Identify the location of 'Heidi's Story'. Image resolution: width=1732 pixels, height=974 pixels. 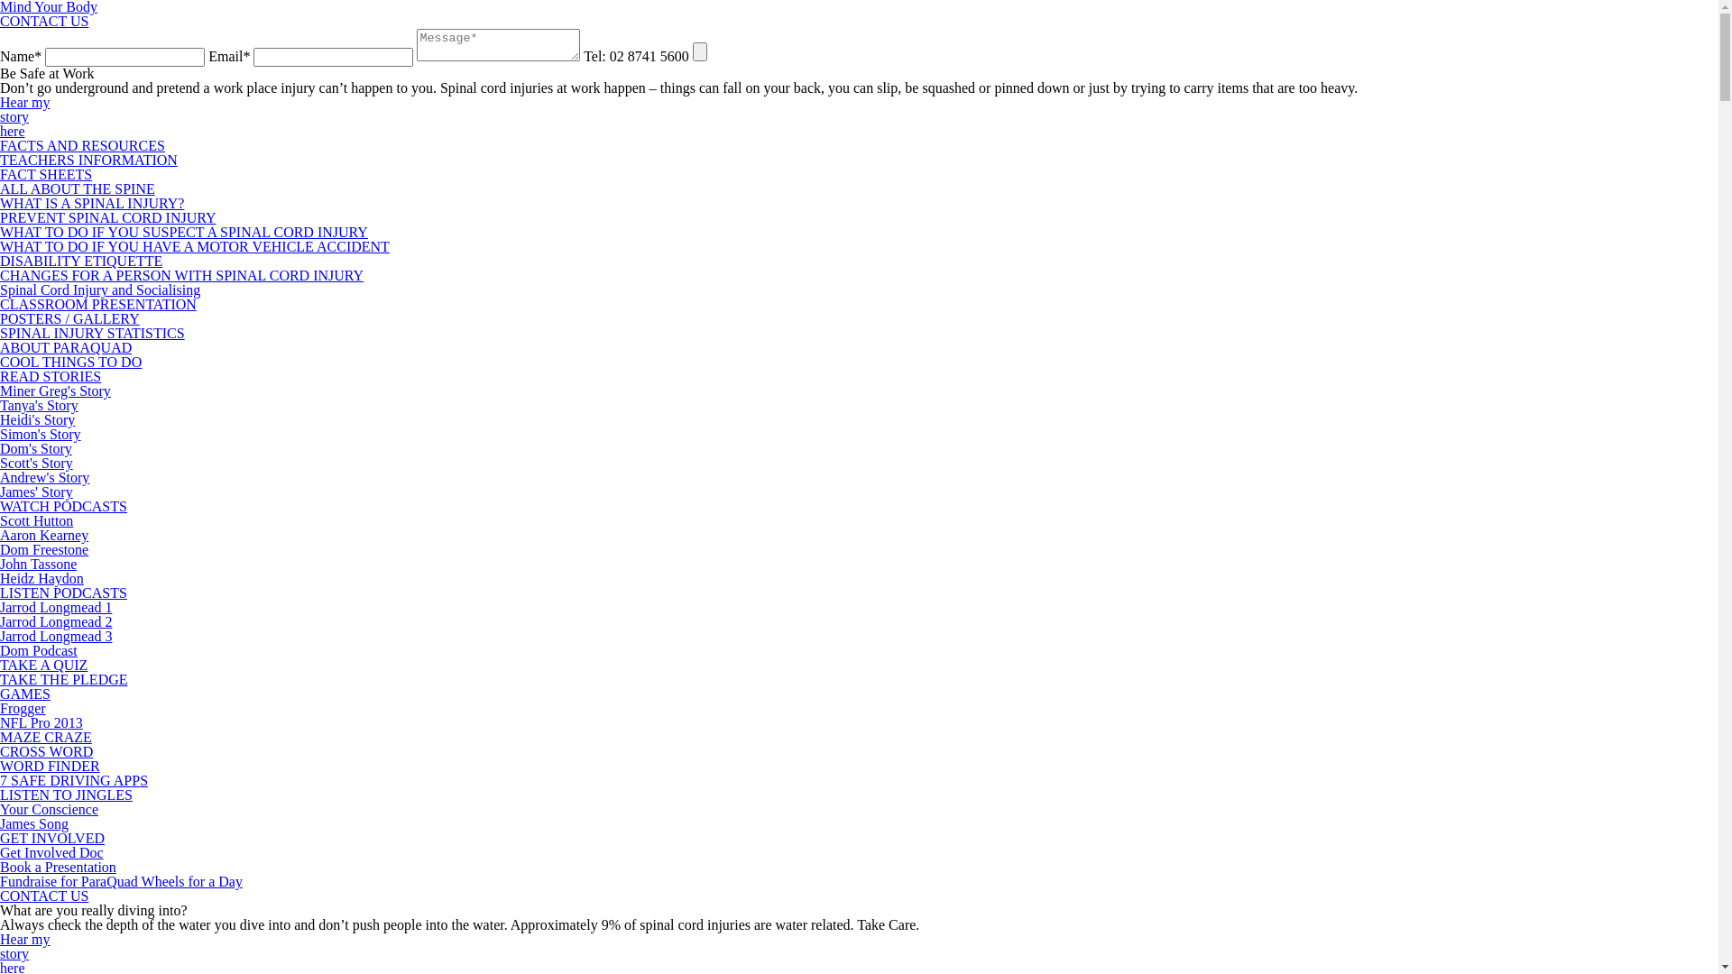
(37, 419).